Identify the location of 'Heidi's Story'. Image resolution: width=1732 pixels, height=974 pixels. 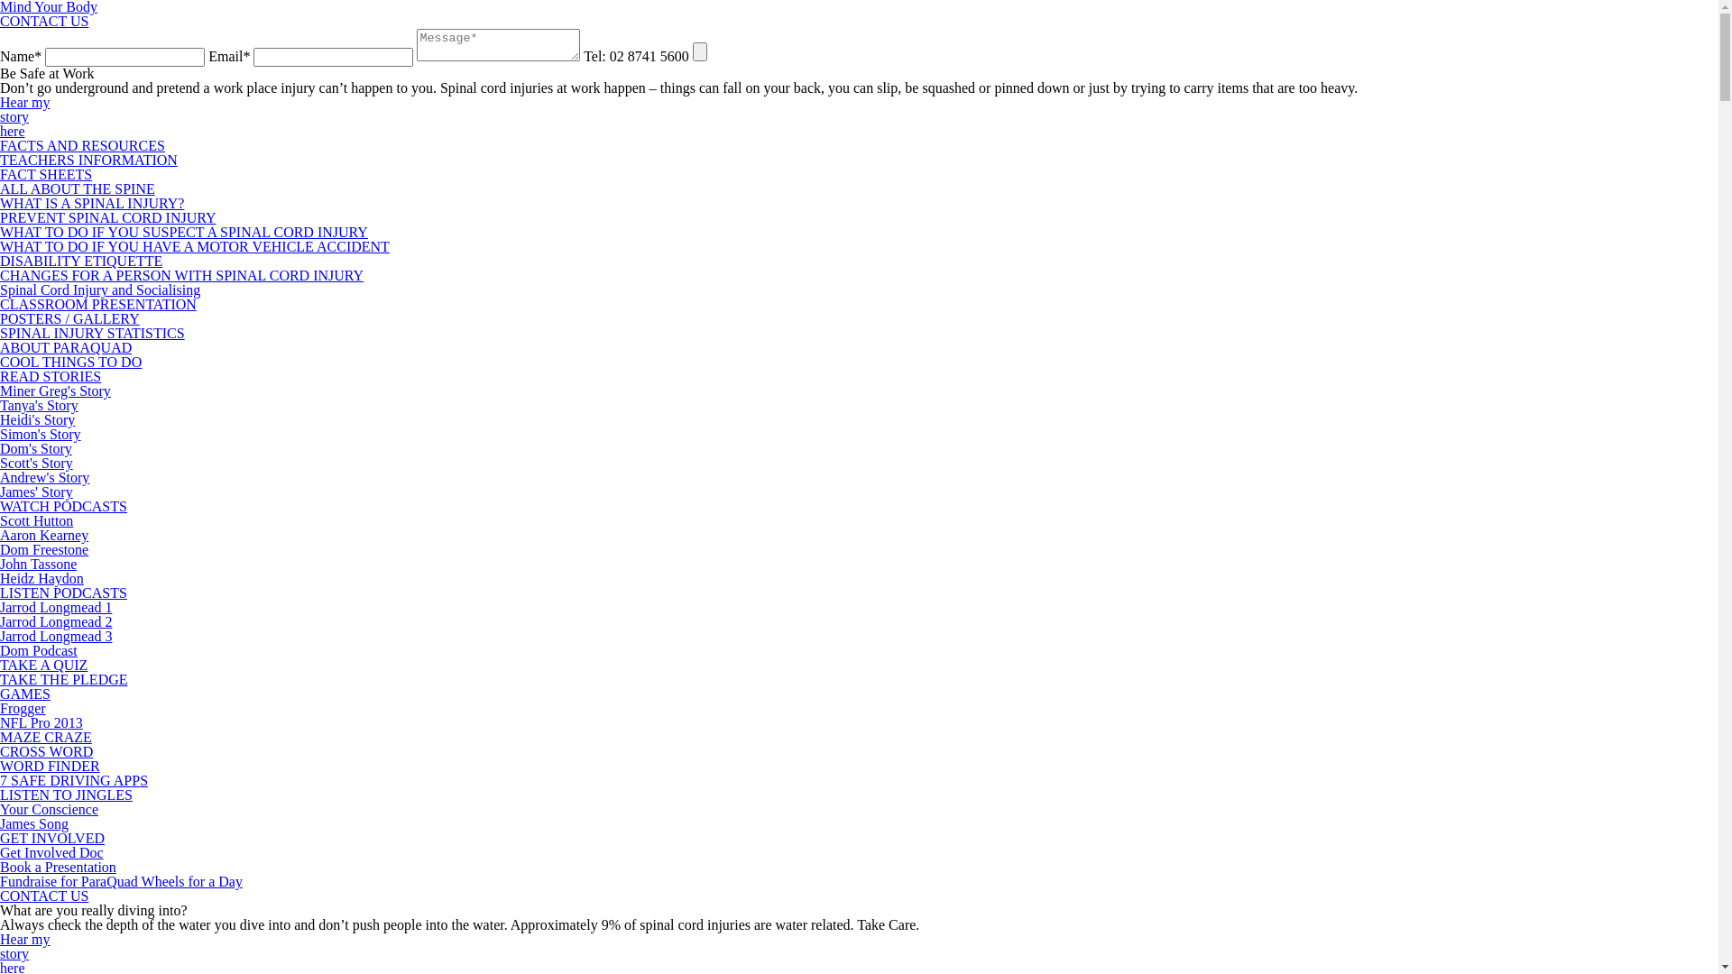
(37, 419).